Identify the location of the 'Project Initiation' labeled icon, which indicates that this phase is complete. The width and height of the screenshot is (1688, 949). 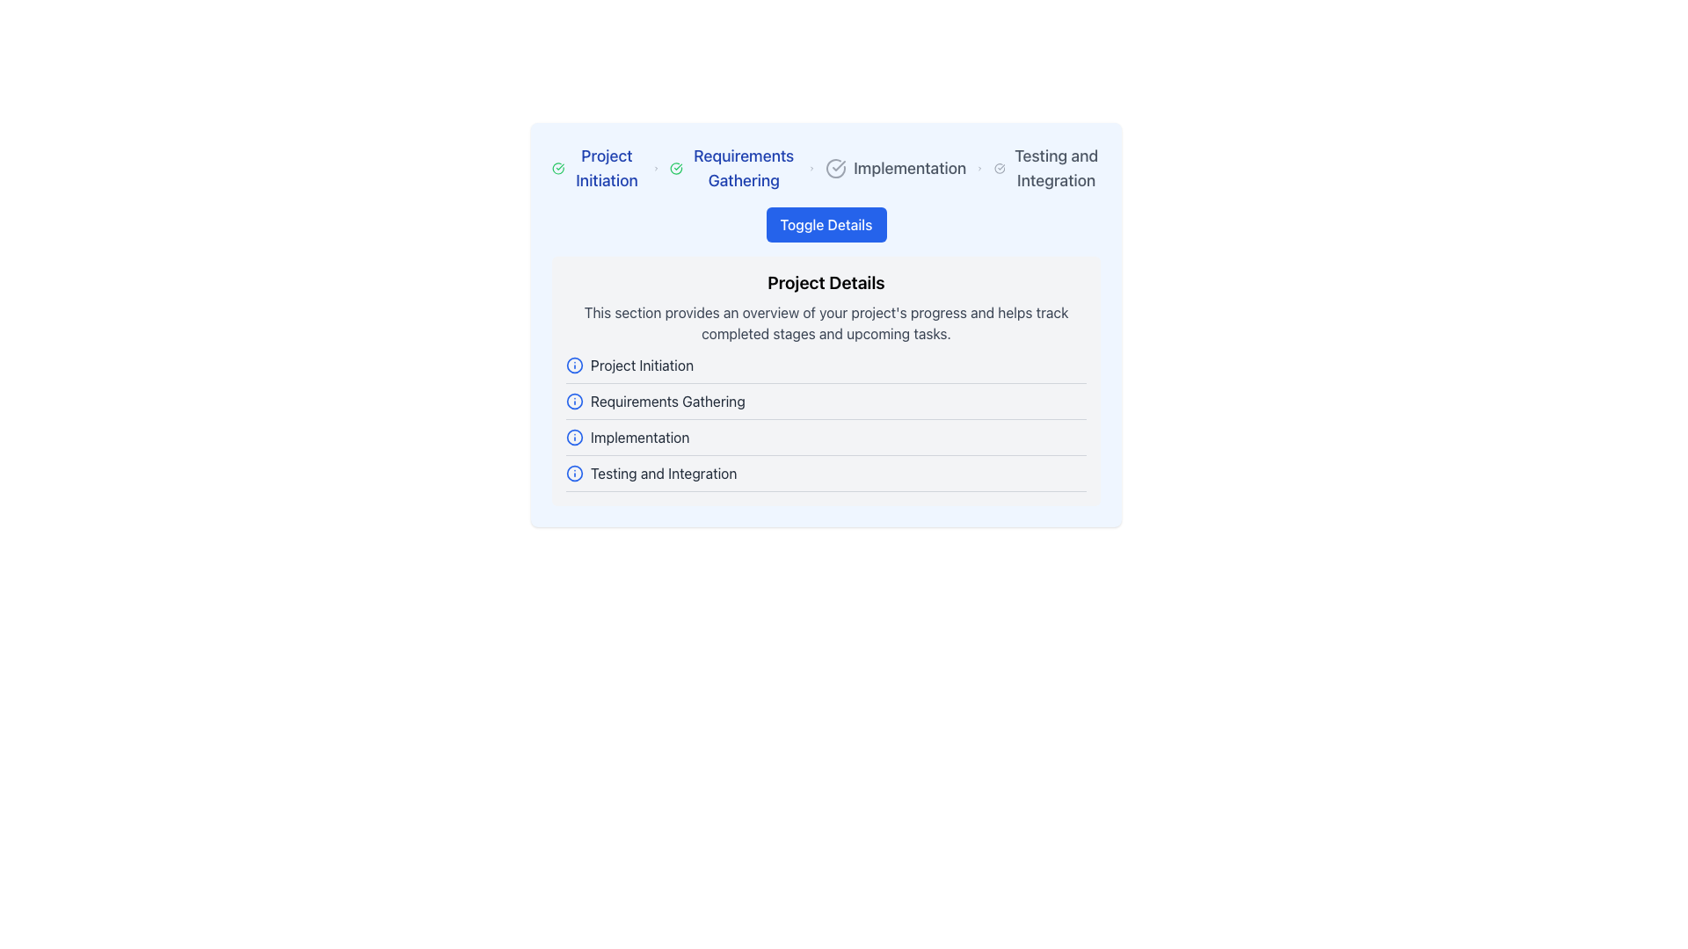
(597, 169).